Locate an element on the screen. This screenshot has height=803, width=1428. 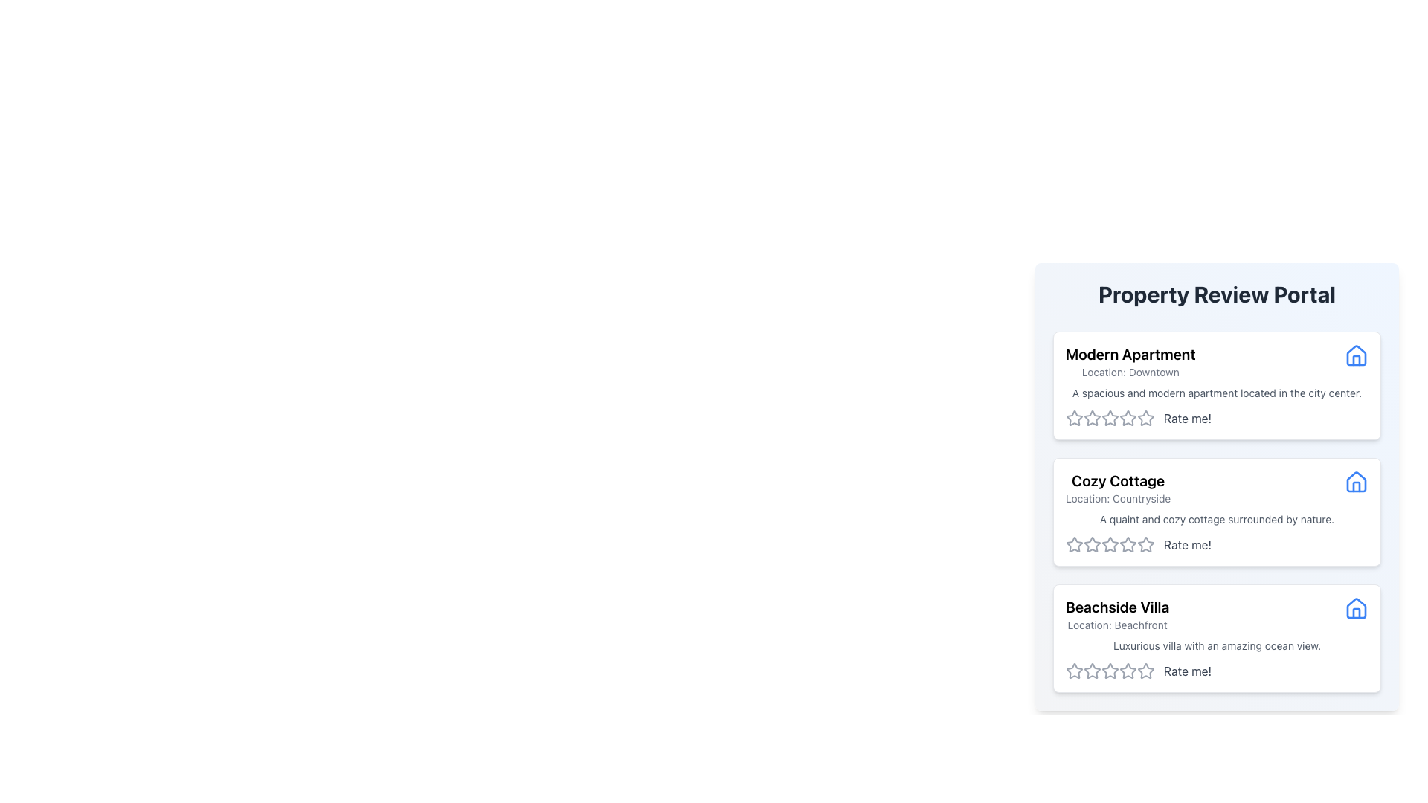
the first star rating icon in the 'Modern Apartment' section of the 'Property Review Portal' is located at coordinates (1074, 418).